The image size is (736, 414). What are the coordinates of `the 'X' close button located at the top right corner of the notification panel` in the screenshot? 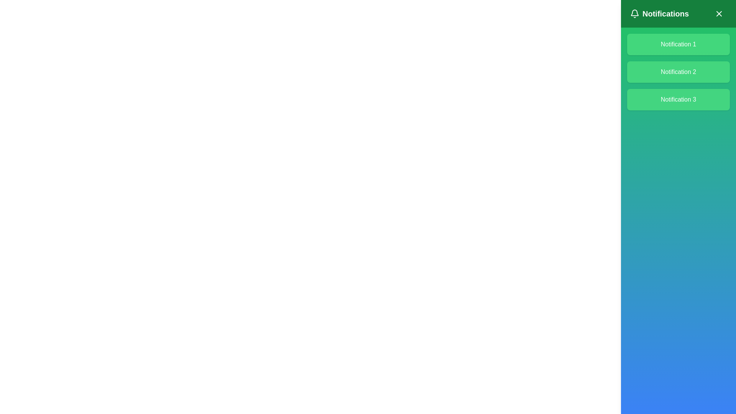 It's located at (719, 13).